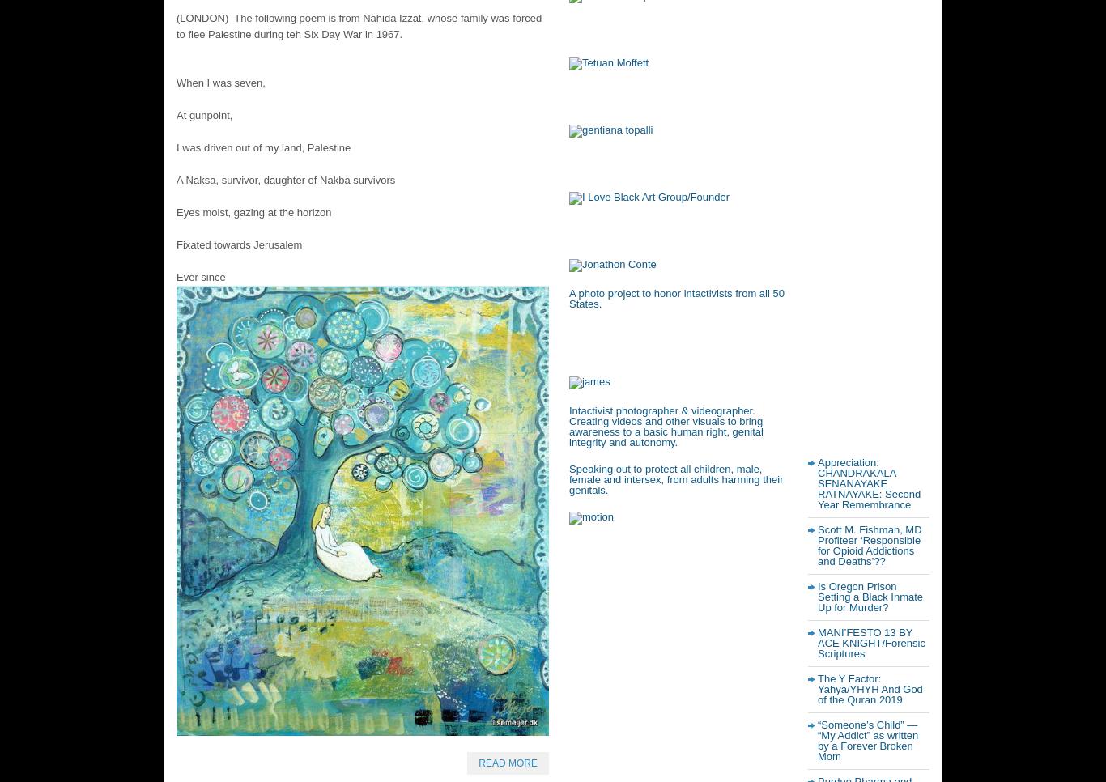  I want to click on 'Speaking out to protect all children, male, female and intersex, from adults harming their genitals.', so click(675, 479).